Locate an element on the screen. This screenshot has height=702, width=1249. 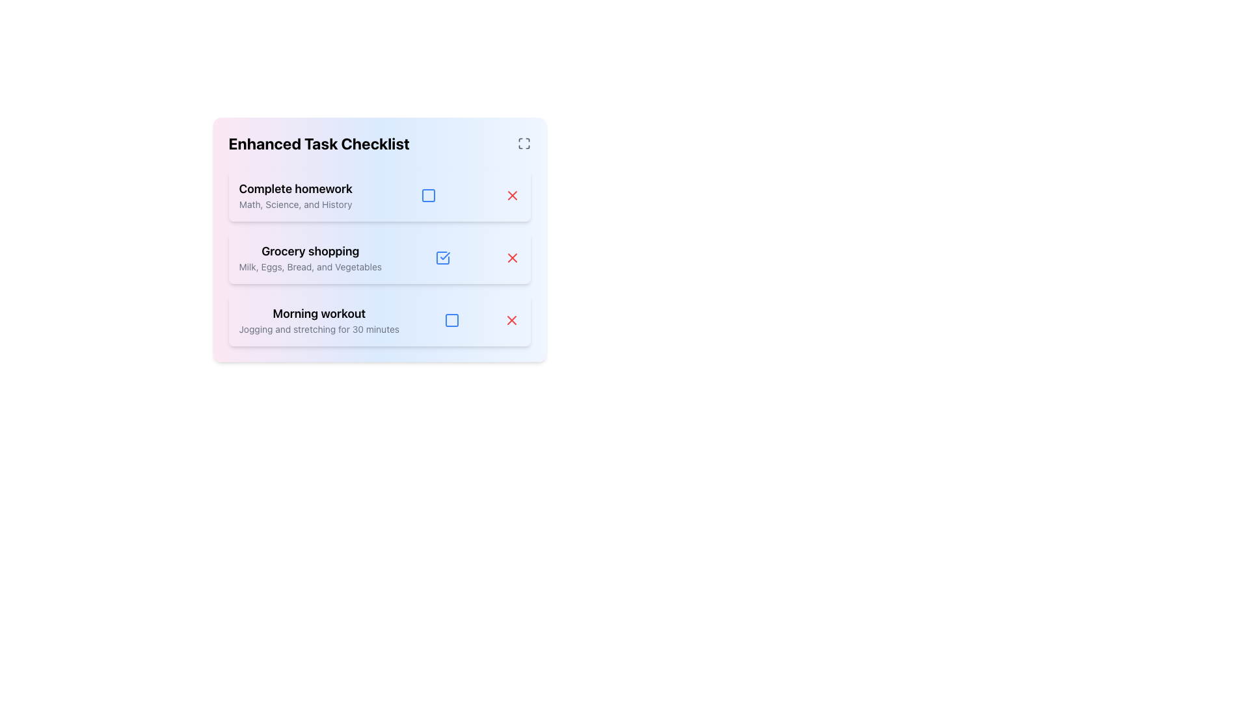
the interactive checkbox for the 'Morning workout' task is located at coordinates (451, 320).